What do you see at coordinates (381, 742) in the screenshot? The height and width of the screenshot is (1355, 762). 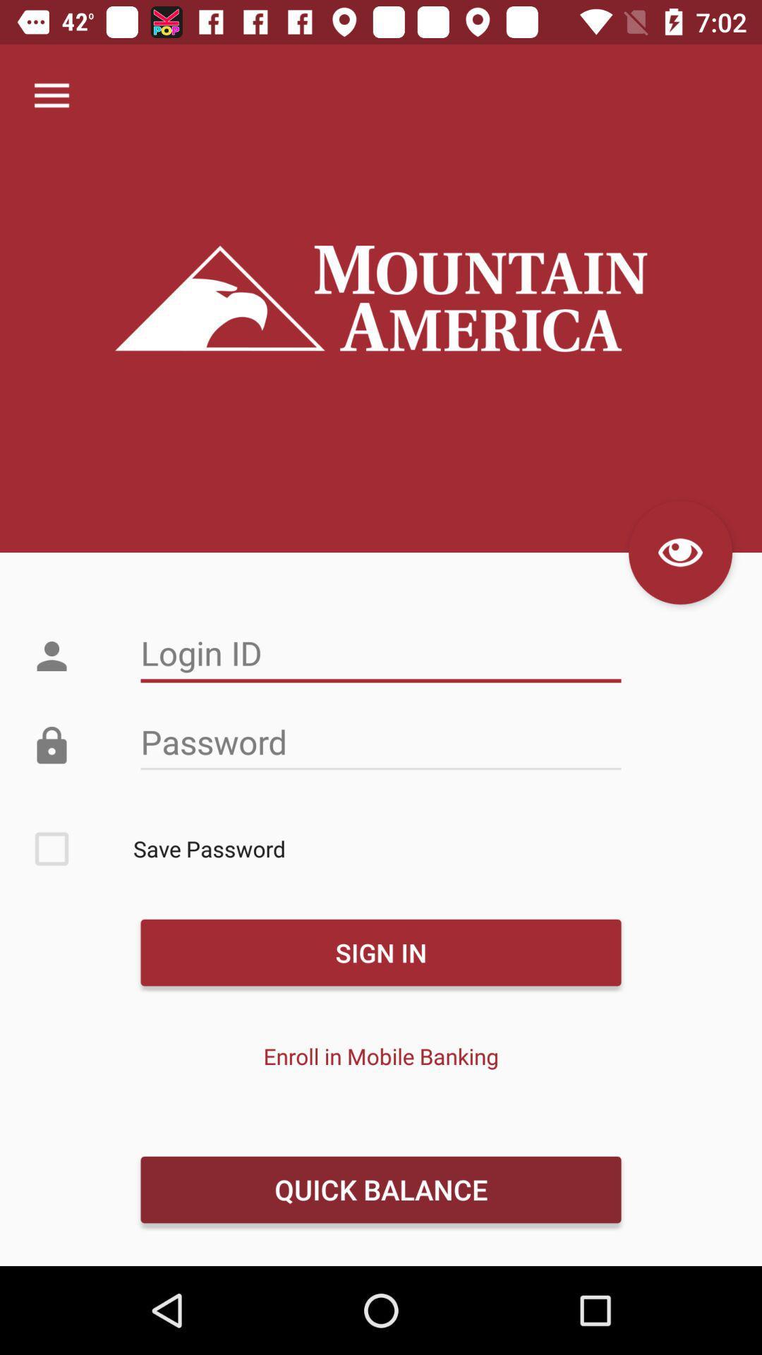 I see `password` at bounding box center [381, 742].